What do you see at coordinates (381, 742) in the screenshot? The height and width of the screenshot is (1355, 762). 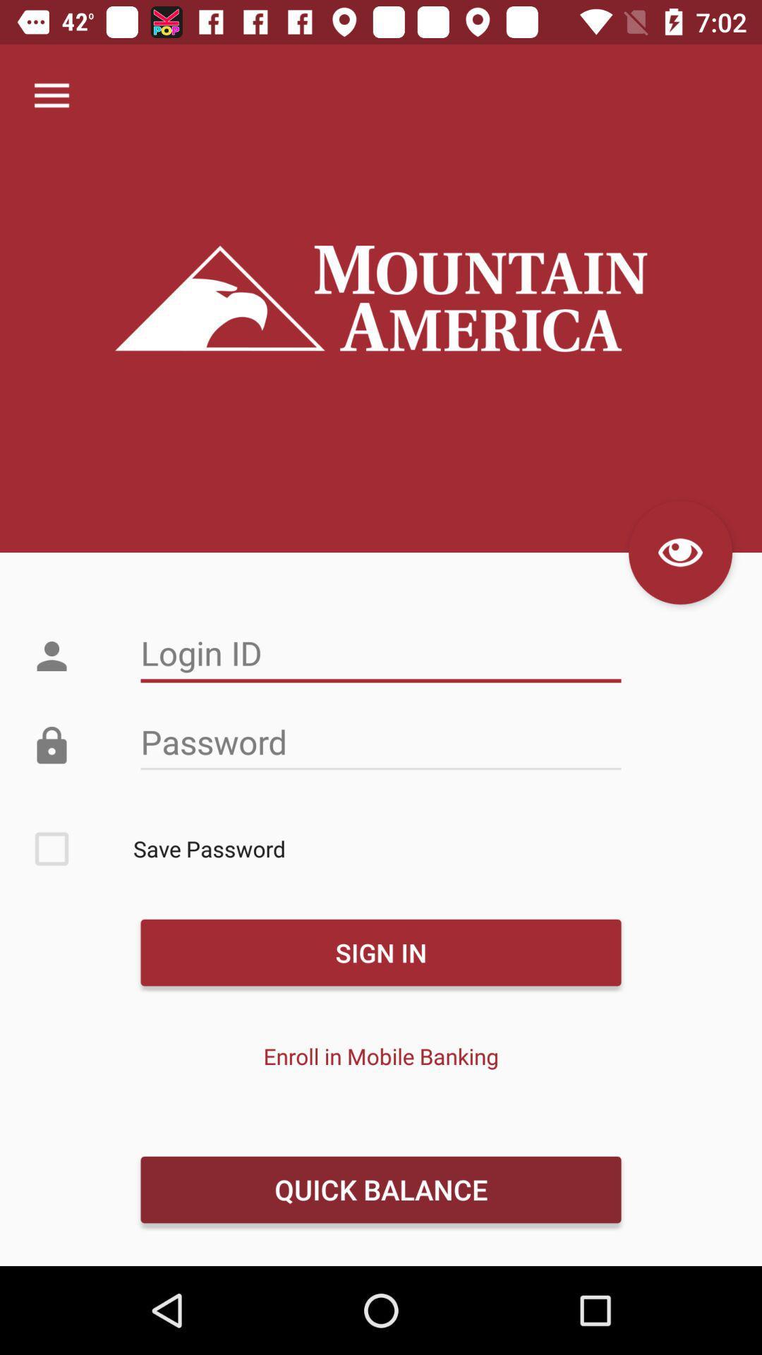 I see `password` at bounding box center [381, 742].